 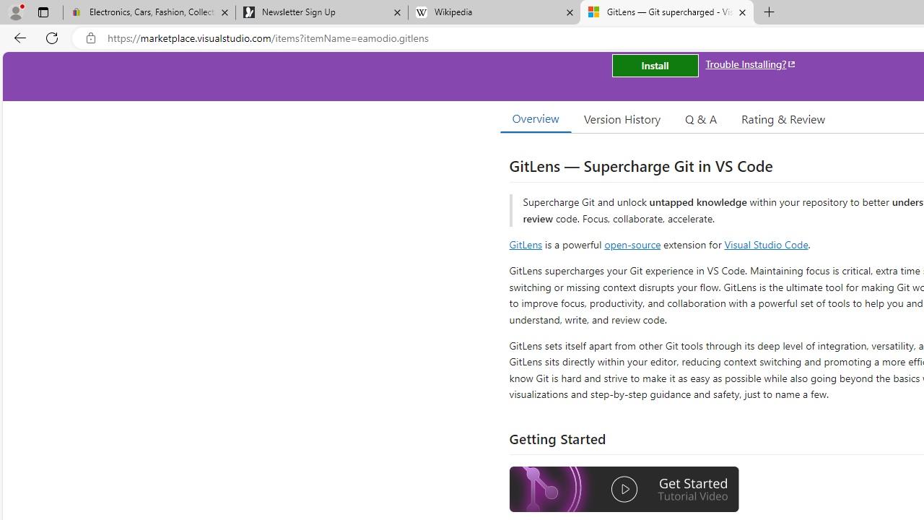 I want to click on 'Install', so click(x=654, y=66).